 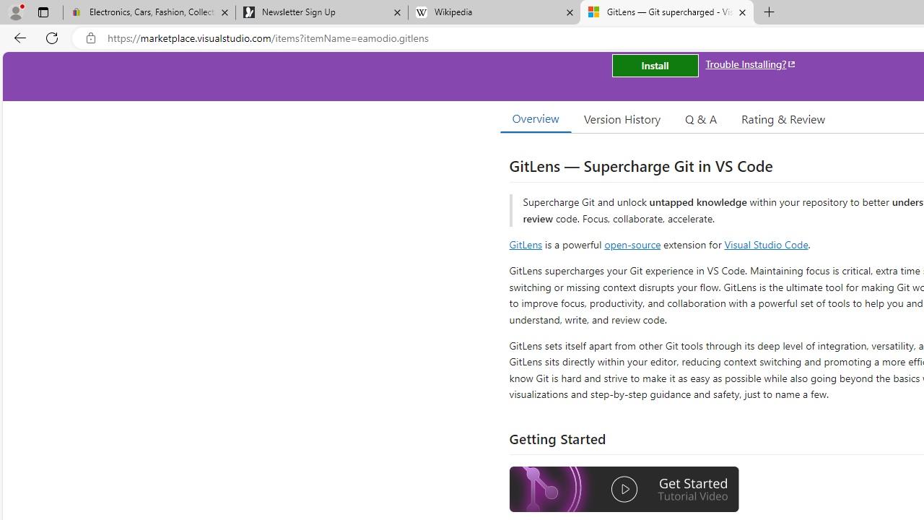 I want to click on 'Install', so click(x=654, y=66).